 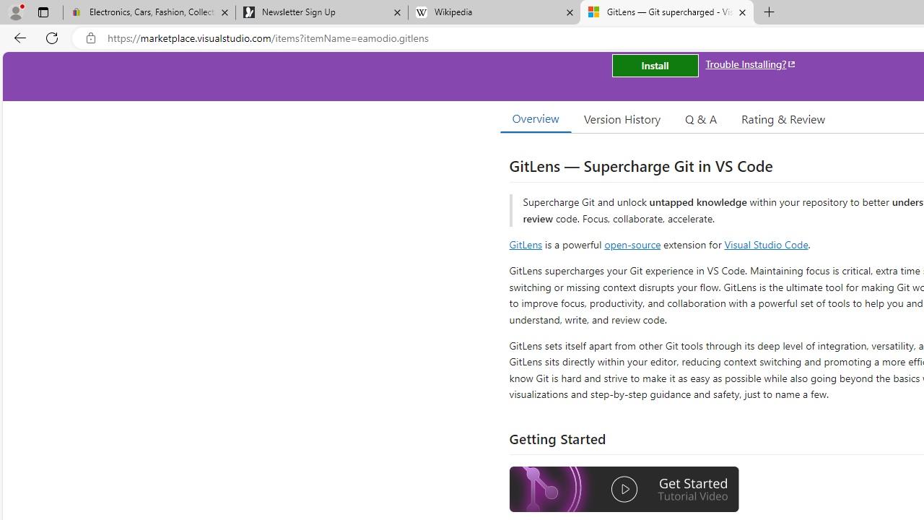 I want to click on 'Install', so click(x=654, y=66).